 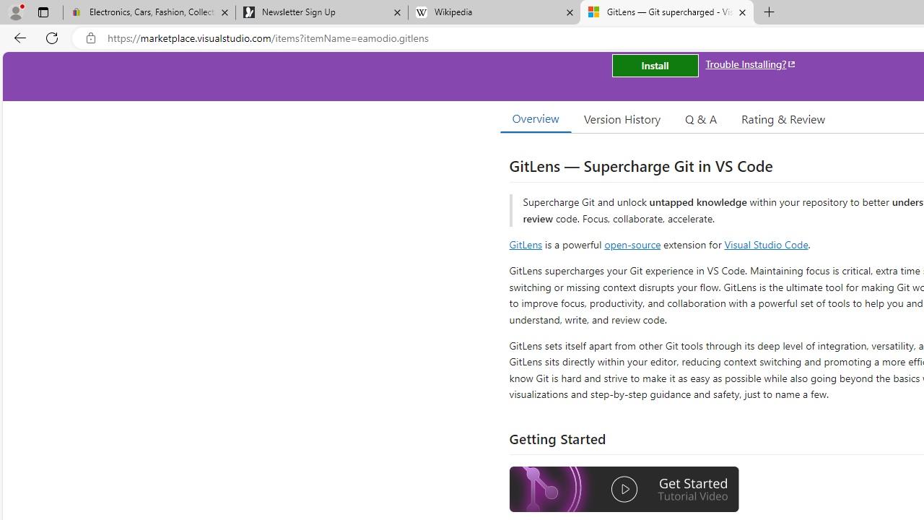 I want to click on 'Install', so click(x=654, y=66).